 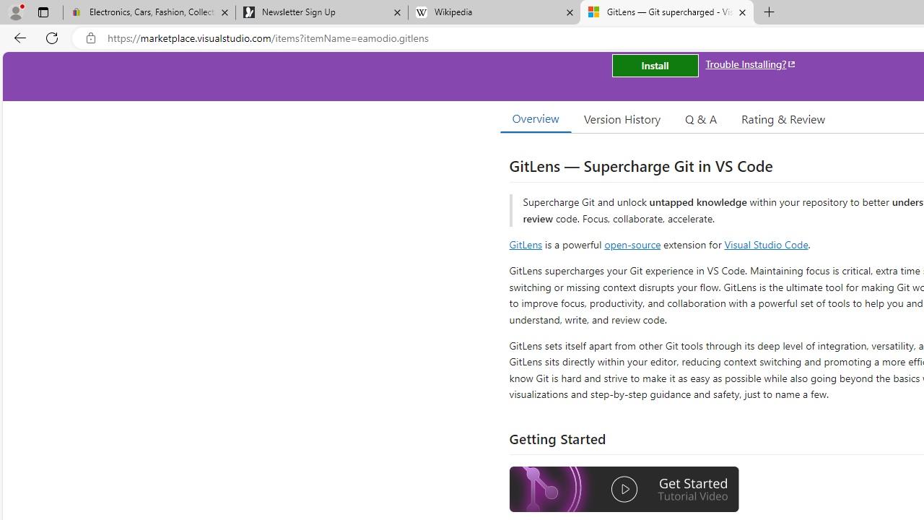 I want to click on 'Install', so click(x=654, y=66).